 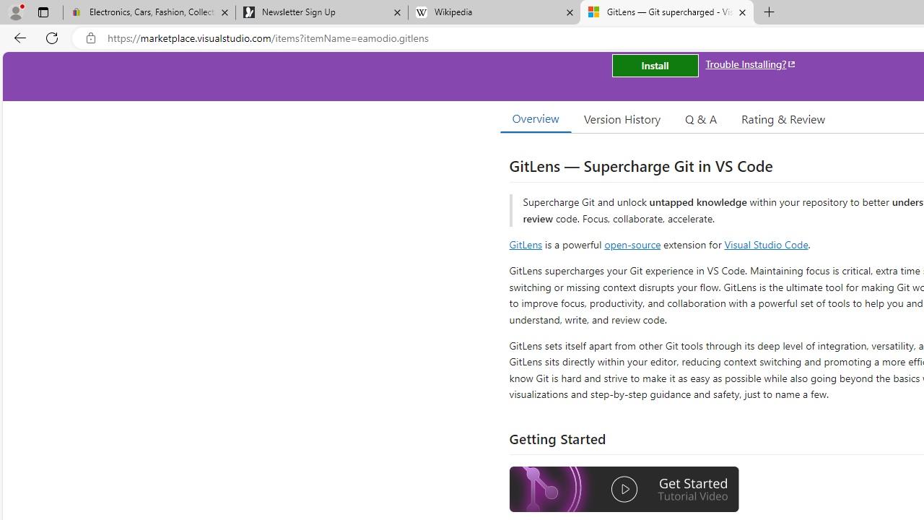 I want to click on 'Install', so click(x=654, y=66).